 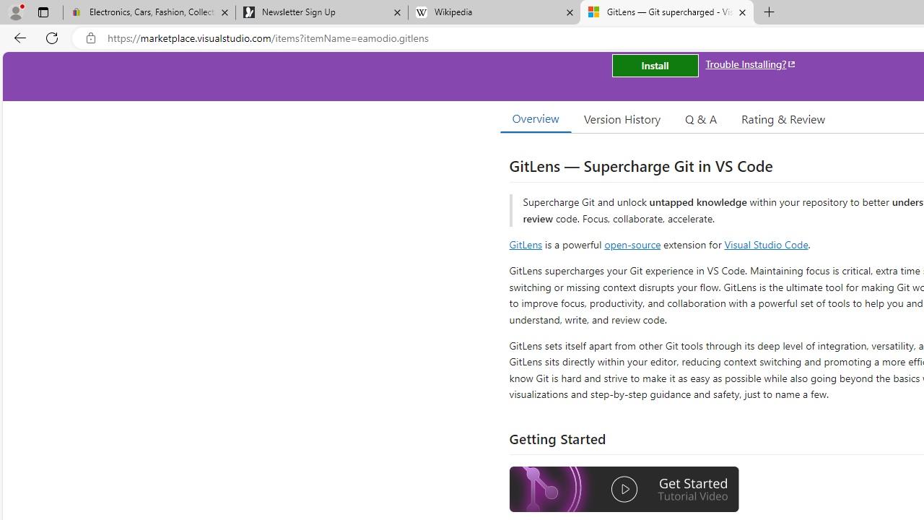 I want to click on 'Install', so click(x=654, y=66).